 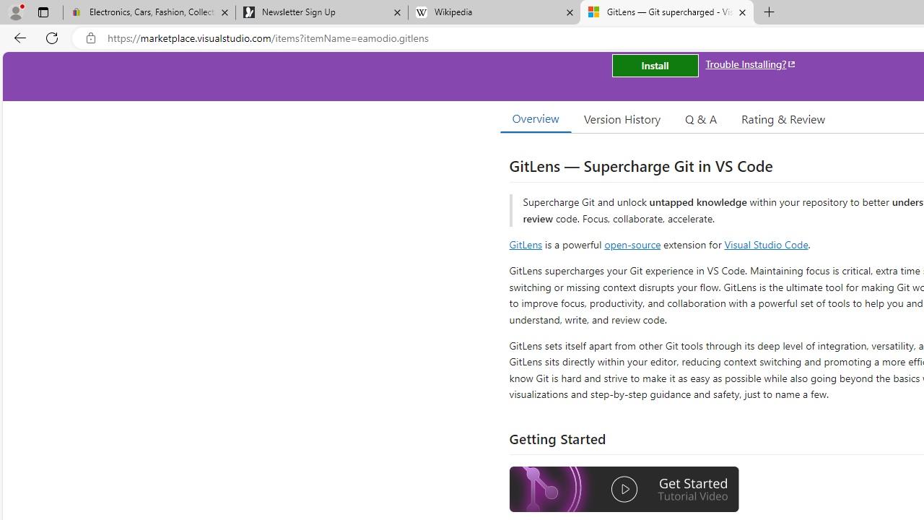 I want to click on 'Install', so click(x=654, y=66).